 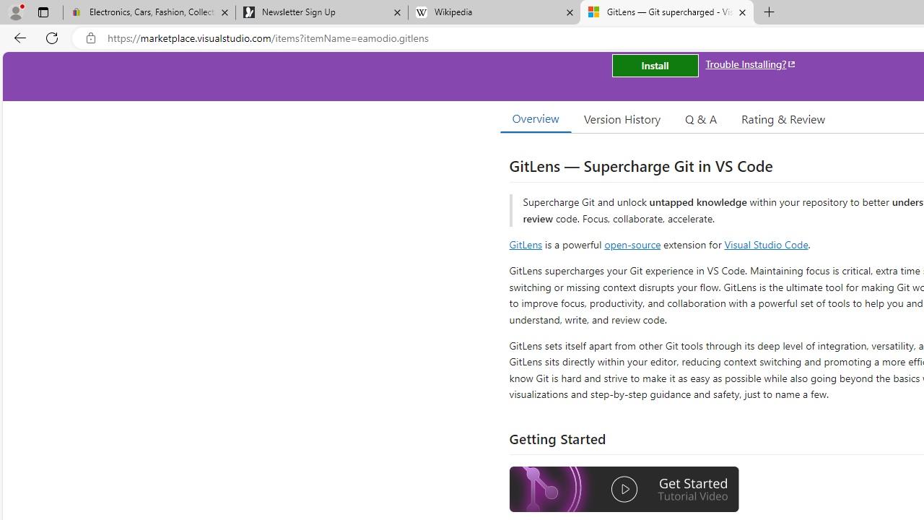 I want to click on 'Install', so click(x=654, y=66).